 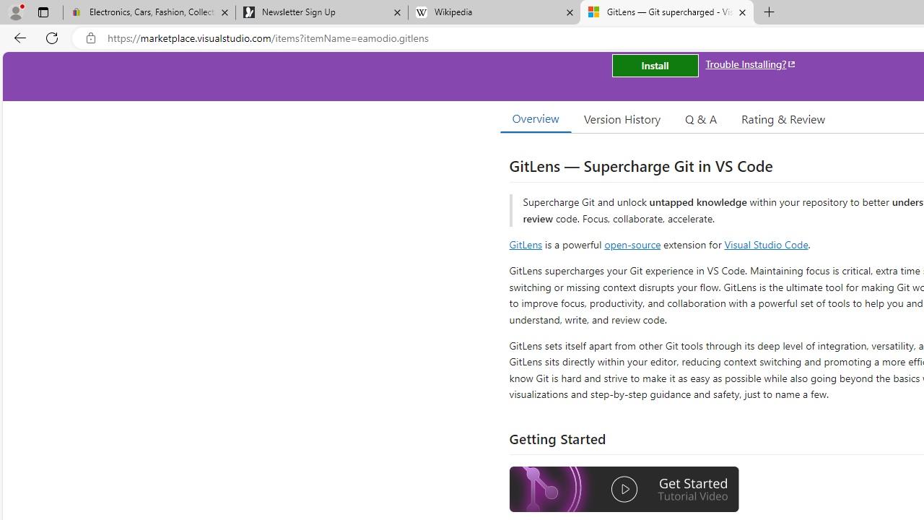 I want to click on 'Install', so click(x=654, y=66).